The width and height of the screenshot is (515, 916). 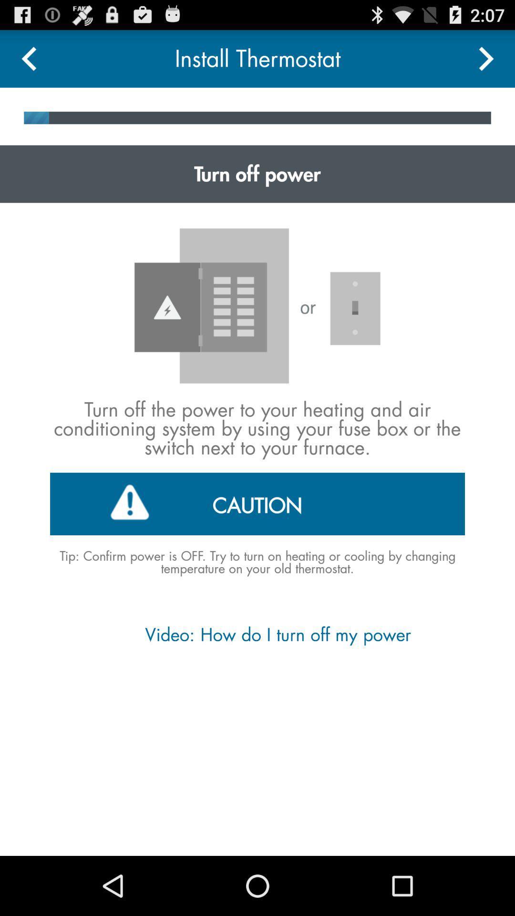 I want to click on video how do app, so click(x=257, y=635).